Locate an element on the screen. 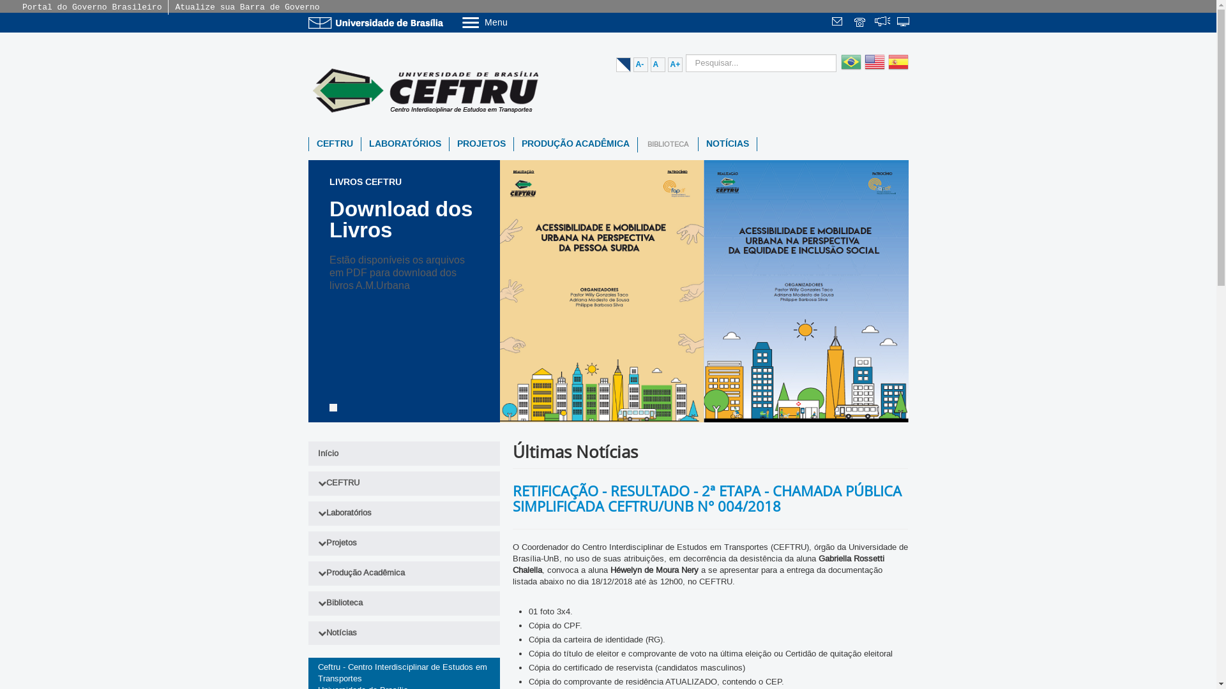 The image size is (1226, 689). 'Menu' is located at coordinates (517, 22).